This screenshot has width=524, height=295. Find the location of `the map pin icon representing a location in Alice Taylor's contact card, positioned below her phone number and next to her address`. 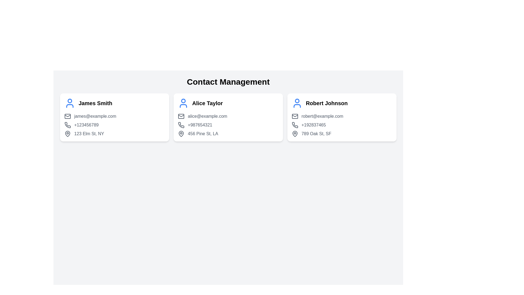

the map pin icon representing a location in Alice Taylor's contact card, positioned below her phone number and next to her address is located at coordinates (181, 134).